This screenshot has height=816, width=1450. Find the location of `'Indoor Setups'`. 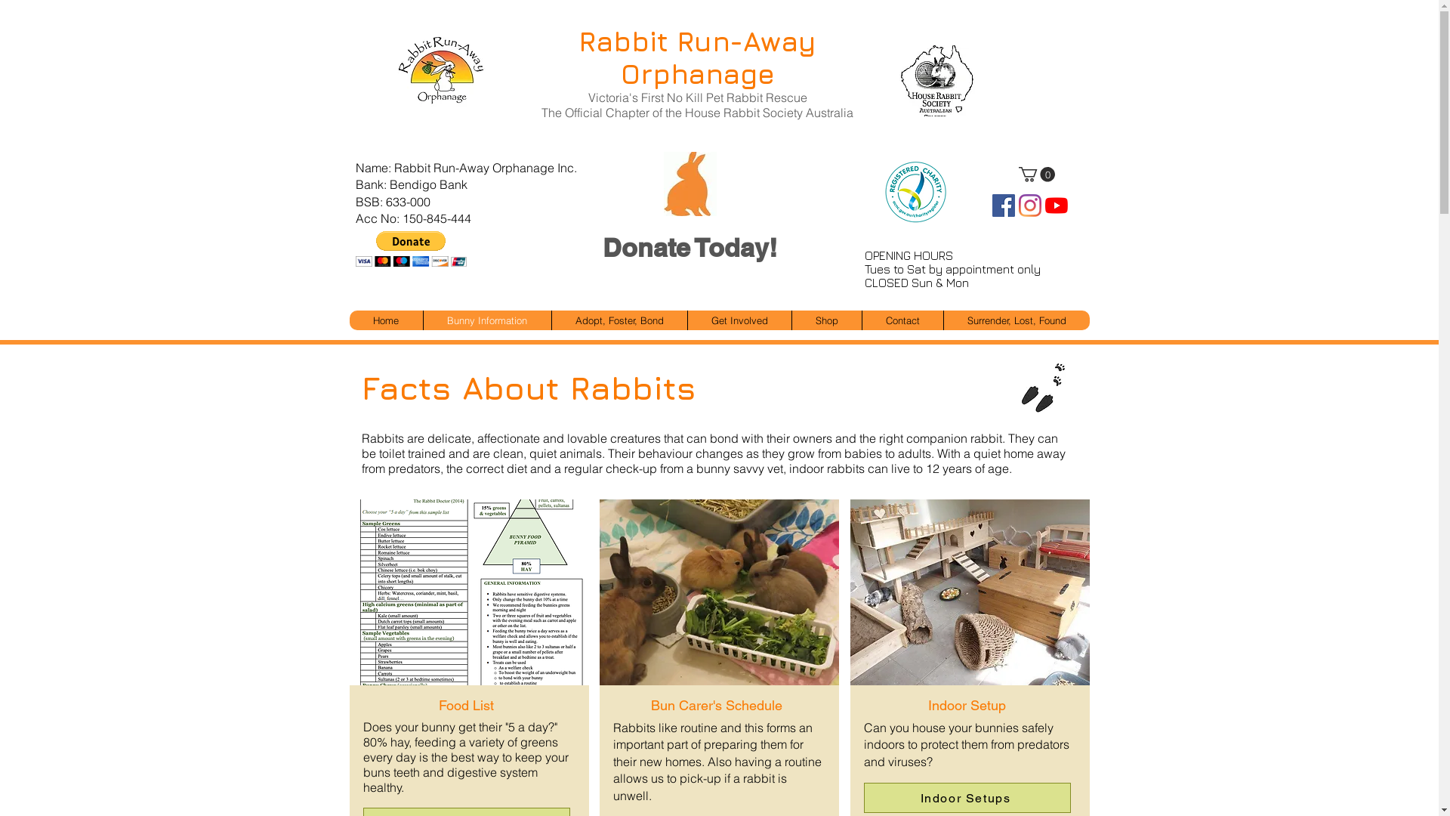

'Indoor Setups' is located at coordinates (967, 797).